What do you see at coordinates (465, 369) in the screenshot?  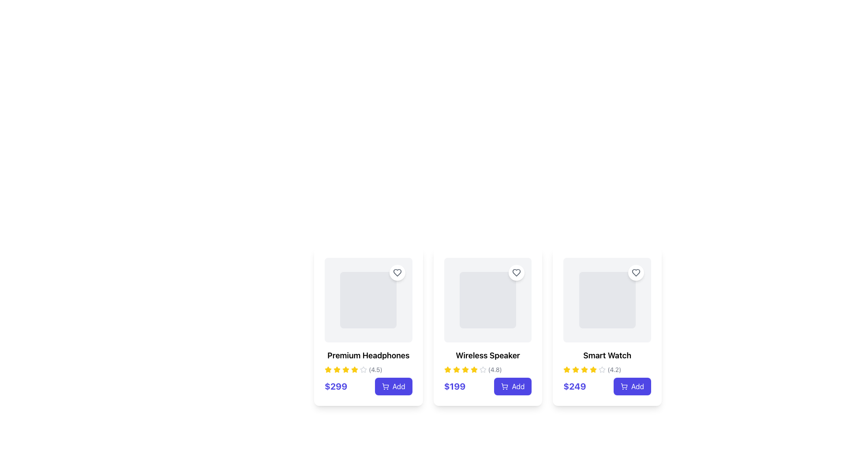 I see `the fourth yellow star icon in the rating section of the 'Wireless Speaker' product card to interact with it` at bounding box center [465, 369].